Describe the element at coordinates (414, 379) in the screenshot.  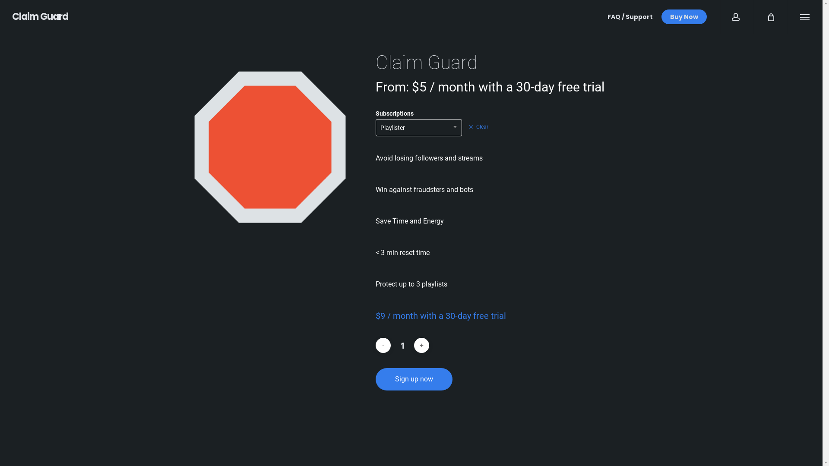
I see `'Sign up now'` at that location.